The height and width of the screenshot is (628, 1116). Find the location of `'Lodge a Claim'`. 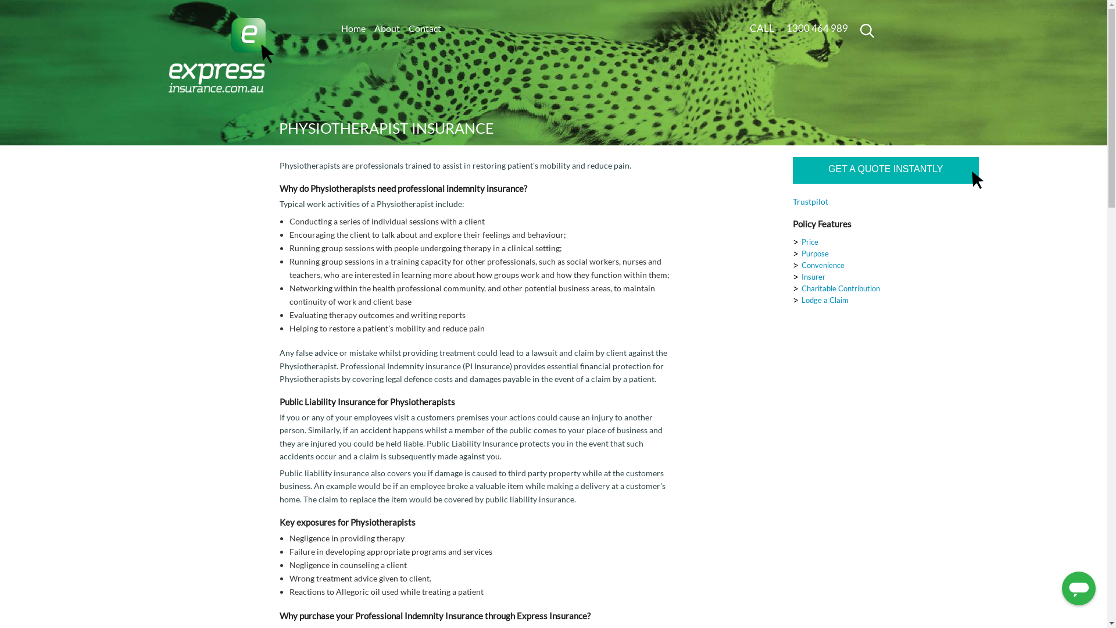

'Lodge a Claim' is located at coordinates (824, 299).